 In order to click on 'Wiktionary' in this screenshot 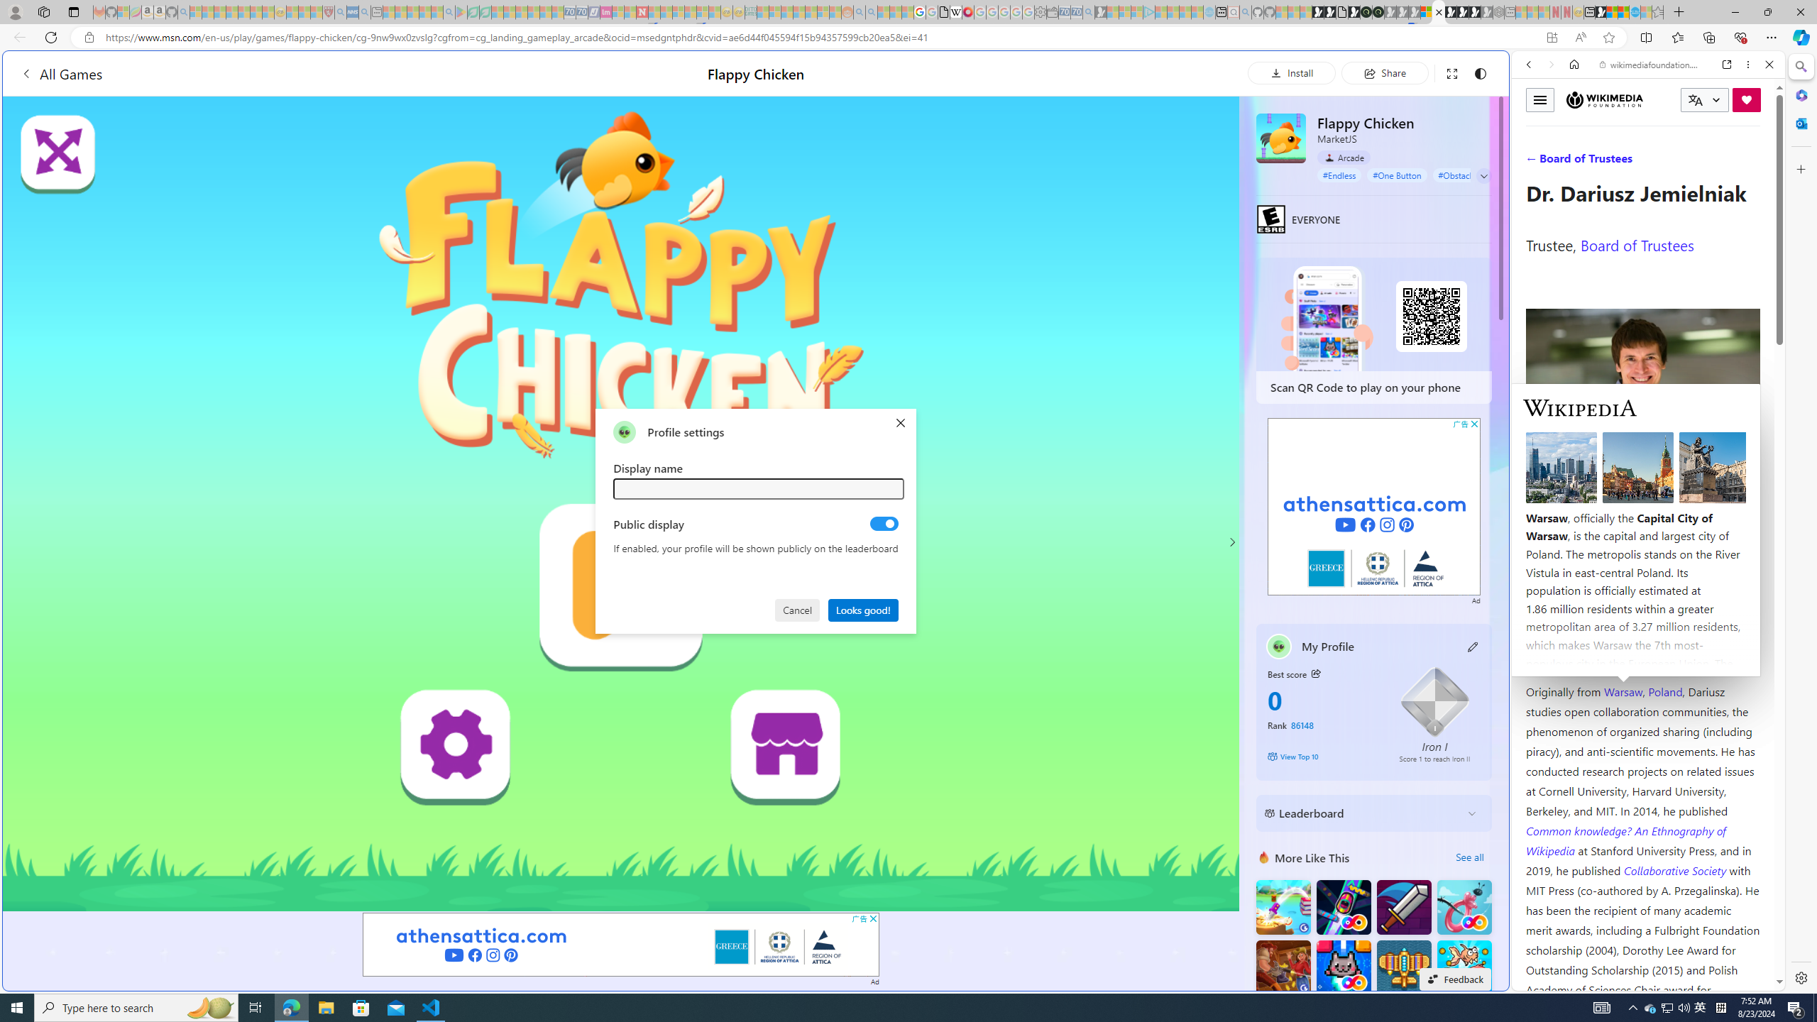, I will do `click(1642, 475)`.